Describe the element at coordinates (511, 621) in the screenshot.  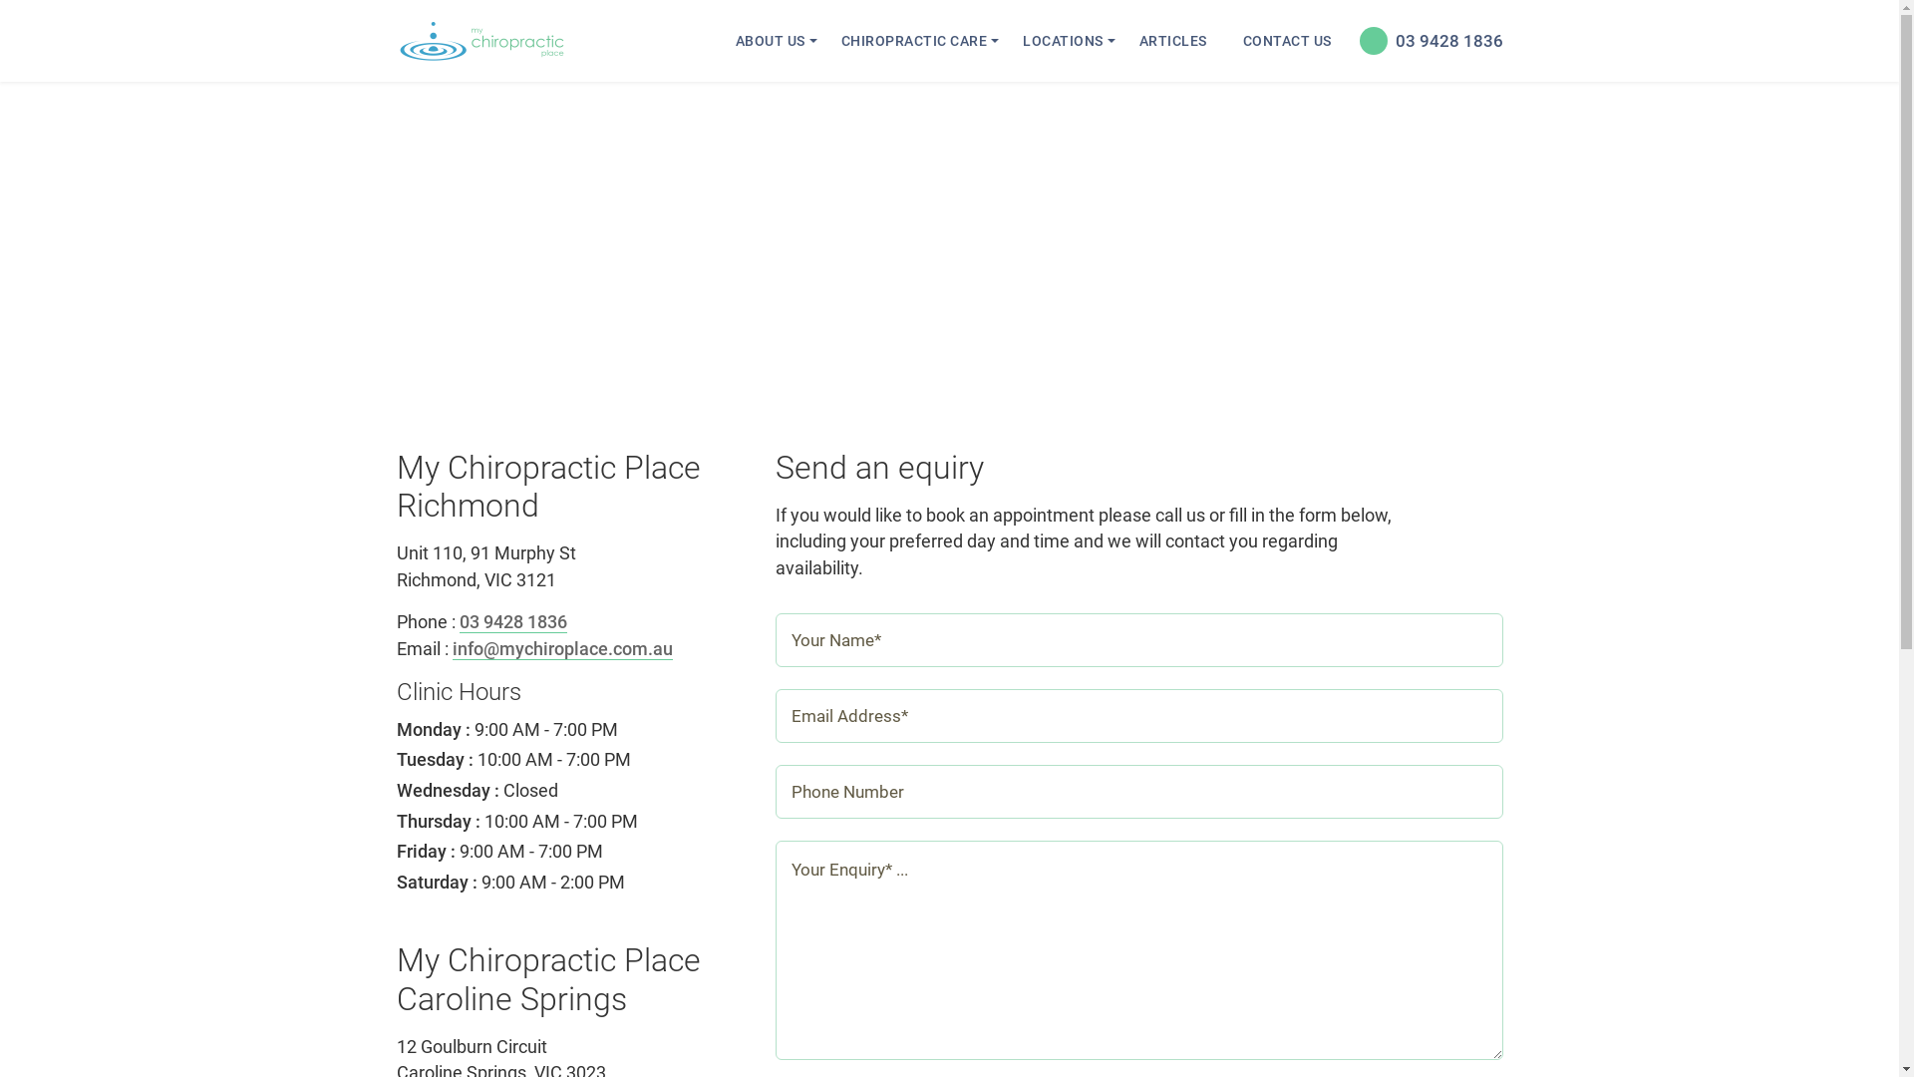
I see `'03 9428 1836'` at that location.